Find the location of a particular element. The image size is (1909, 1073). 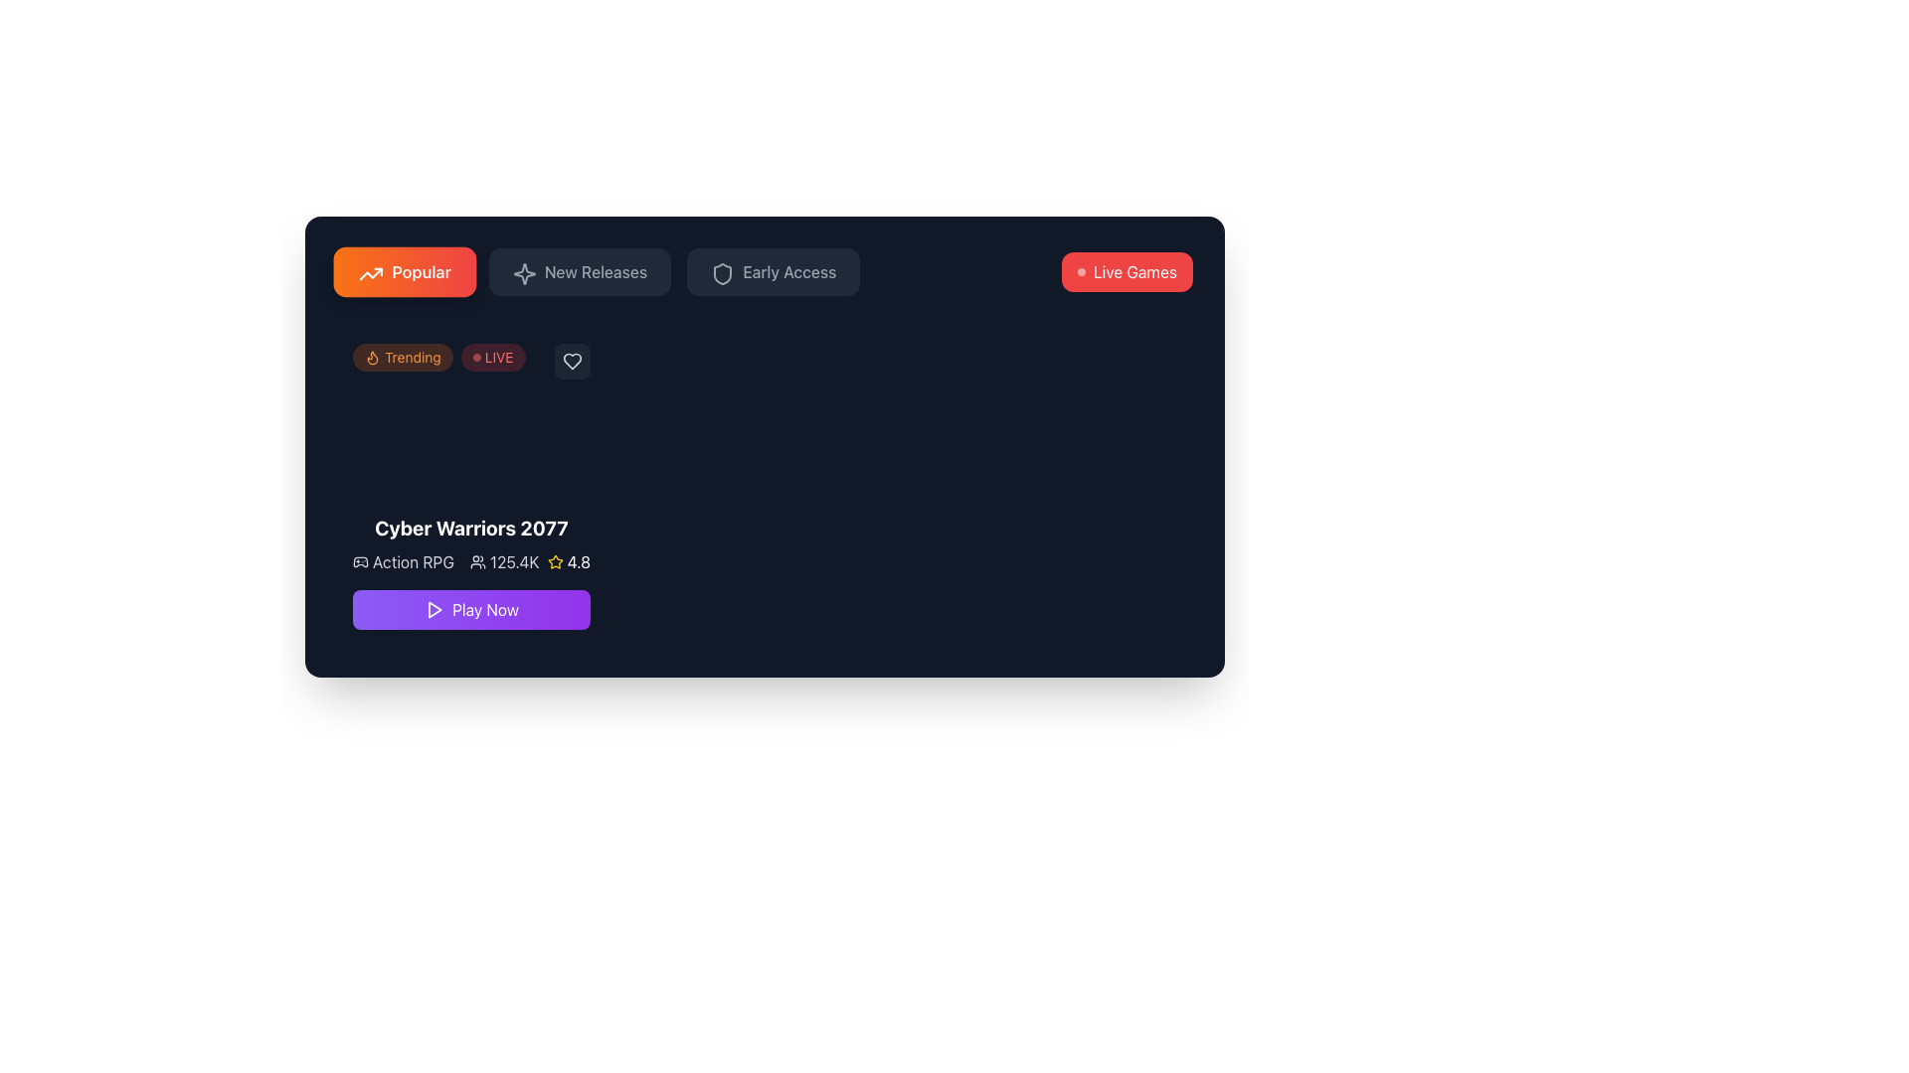

the text 'Action RPG' with the game controller icon, which is located near the bottom-left section of the visible panel is located at coordinates (402, 562).